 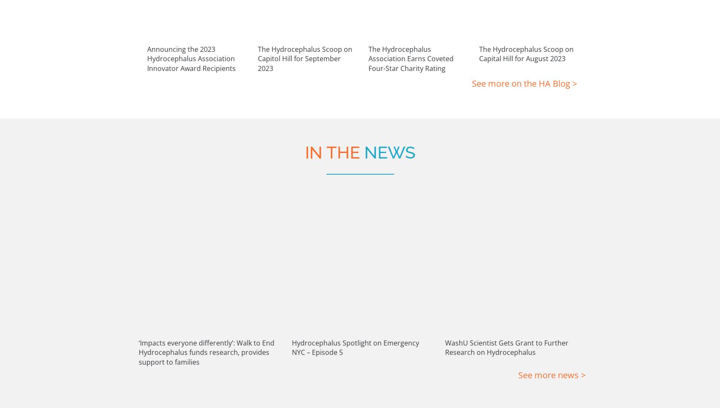 I want to click on '+', so click(x=215, y=378).